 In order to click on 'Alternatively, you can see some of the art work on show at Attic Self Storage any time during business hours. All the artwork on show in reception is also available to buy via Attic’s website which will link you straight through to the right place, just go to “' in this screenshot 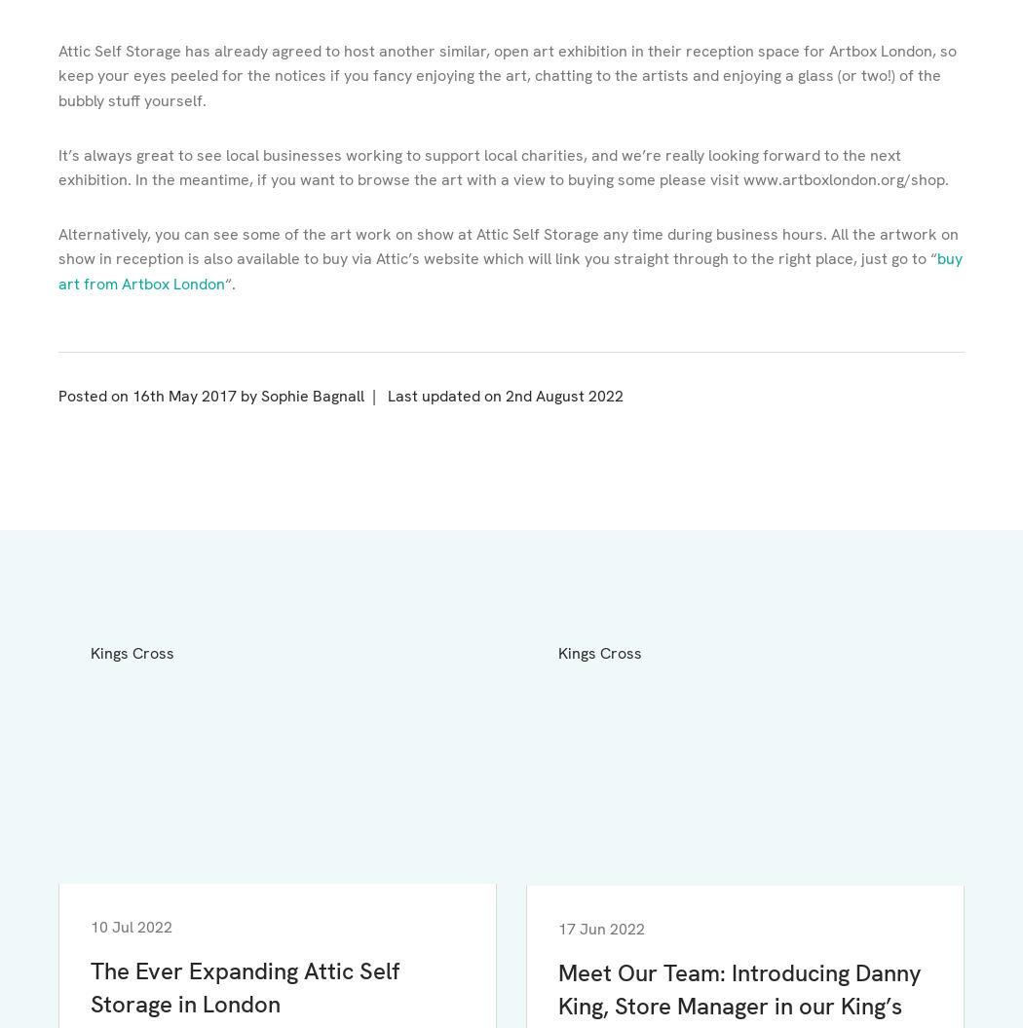, I will do `click(507, 246)`.